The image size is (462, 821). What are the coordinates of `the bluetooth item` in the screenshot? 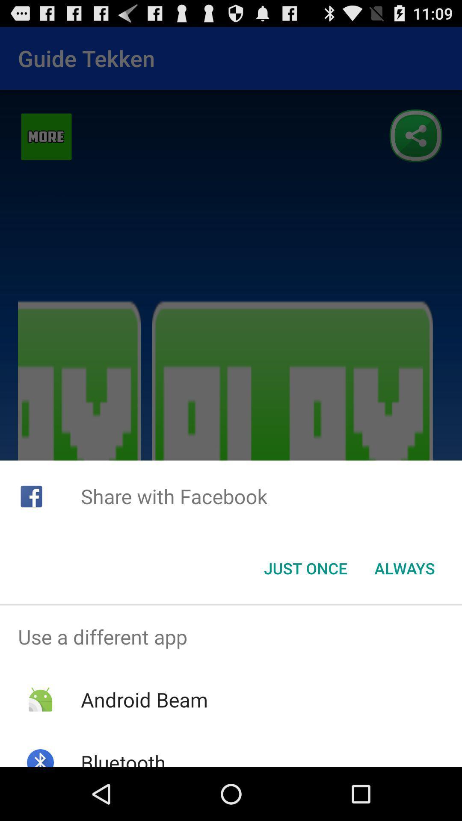 It's located at (123, 758).